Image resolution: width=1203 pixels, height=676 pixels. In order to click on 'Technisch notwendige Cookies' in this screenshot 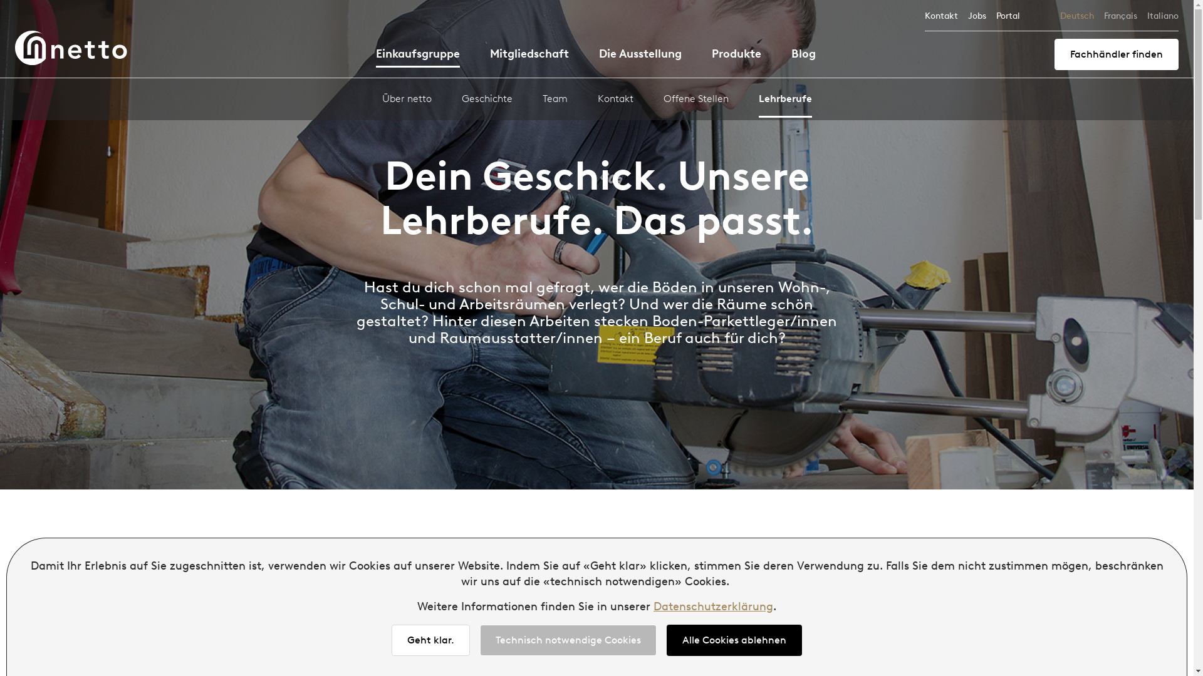, I will do `click(479, 640)`.